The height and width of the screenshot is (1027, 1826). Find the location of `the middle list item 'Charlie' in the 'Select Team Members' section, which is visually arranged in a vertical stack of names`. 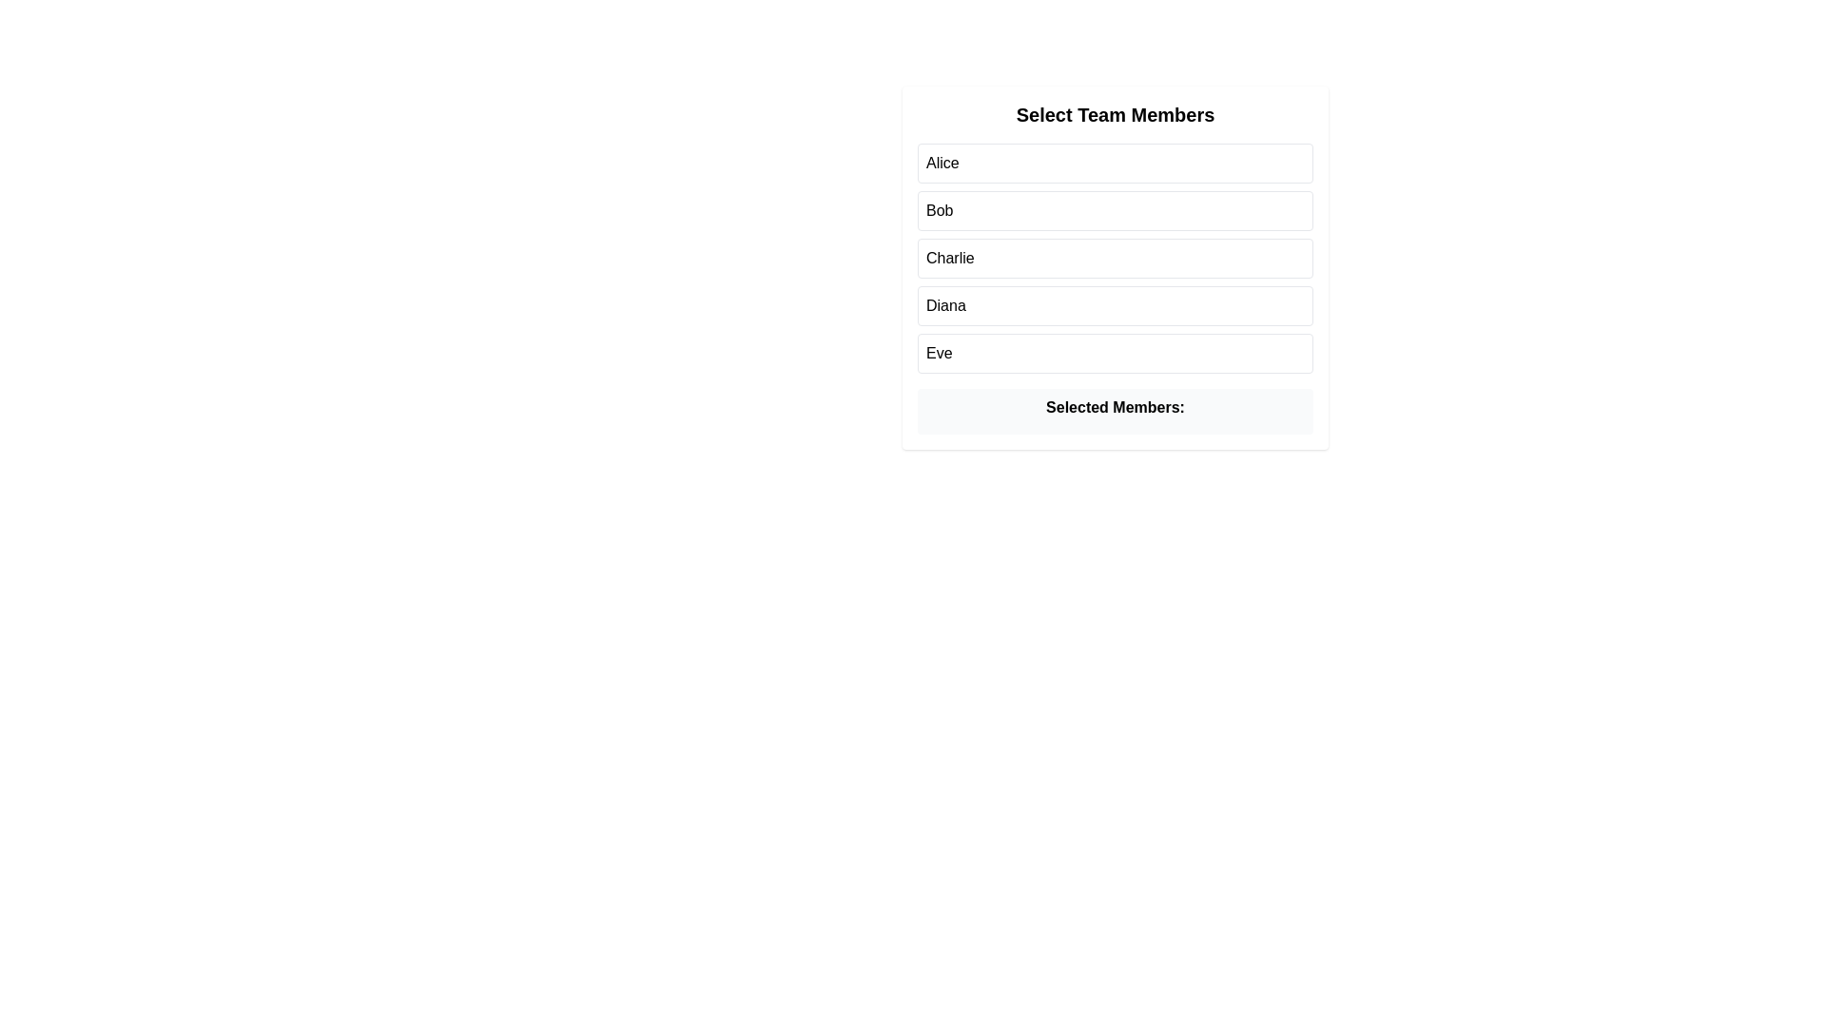

the middle list item 'Charlie' in the 'Select Team Members' section, which is visually arranged in a vertical stack of names is located at coordinates (1115, 259).